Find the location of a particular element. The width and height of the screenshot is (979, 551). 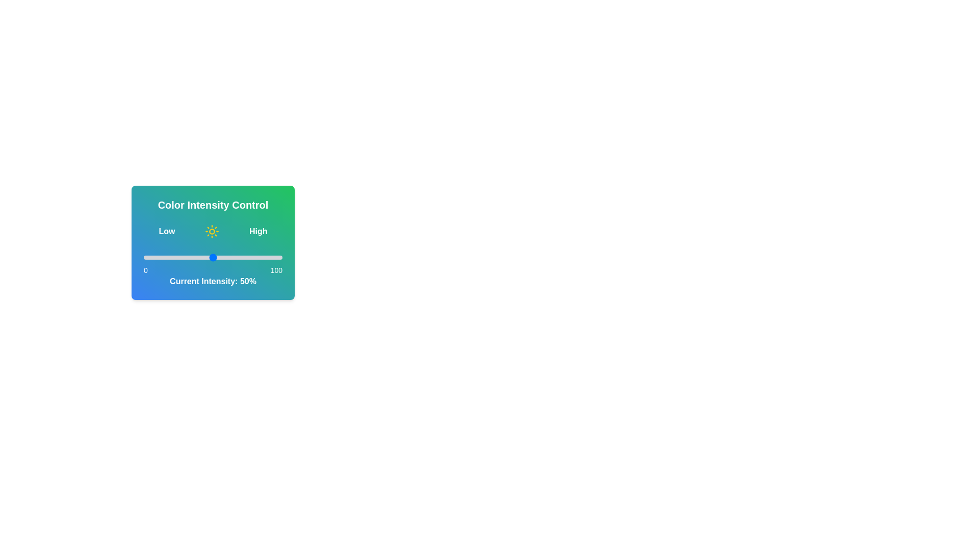

the slider value is located at coordinates (262, 257).